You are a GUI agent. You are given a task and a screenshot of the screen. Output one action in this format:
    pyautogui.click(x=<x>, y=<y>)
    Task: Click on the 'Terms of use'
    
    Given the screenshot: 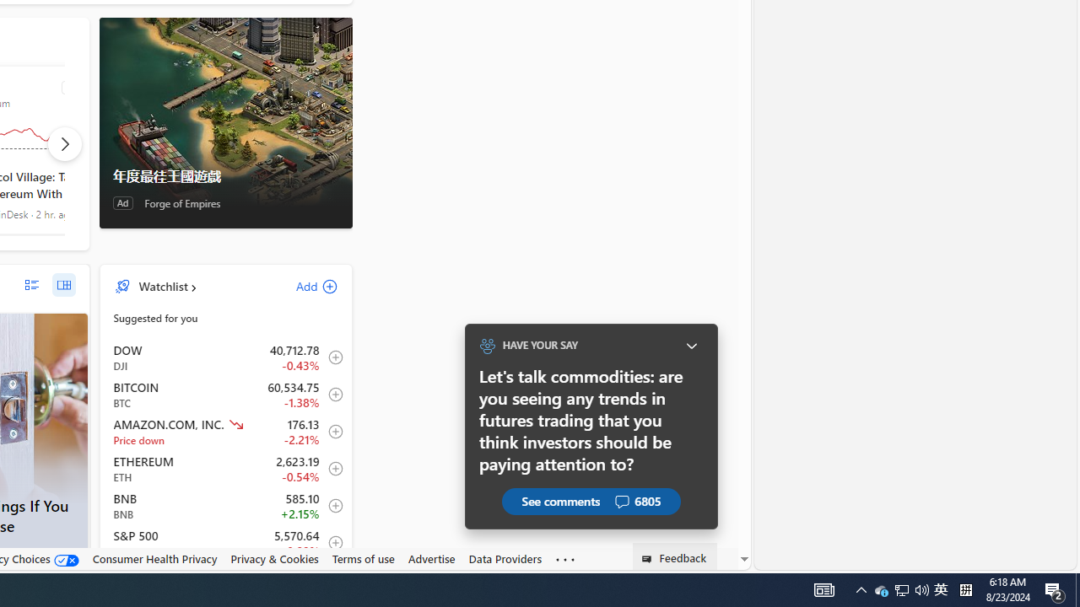 What is the action you would take?
    pyautogui.click(x=362, y=558)
    